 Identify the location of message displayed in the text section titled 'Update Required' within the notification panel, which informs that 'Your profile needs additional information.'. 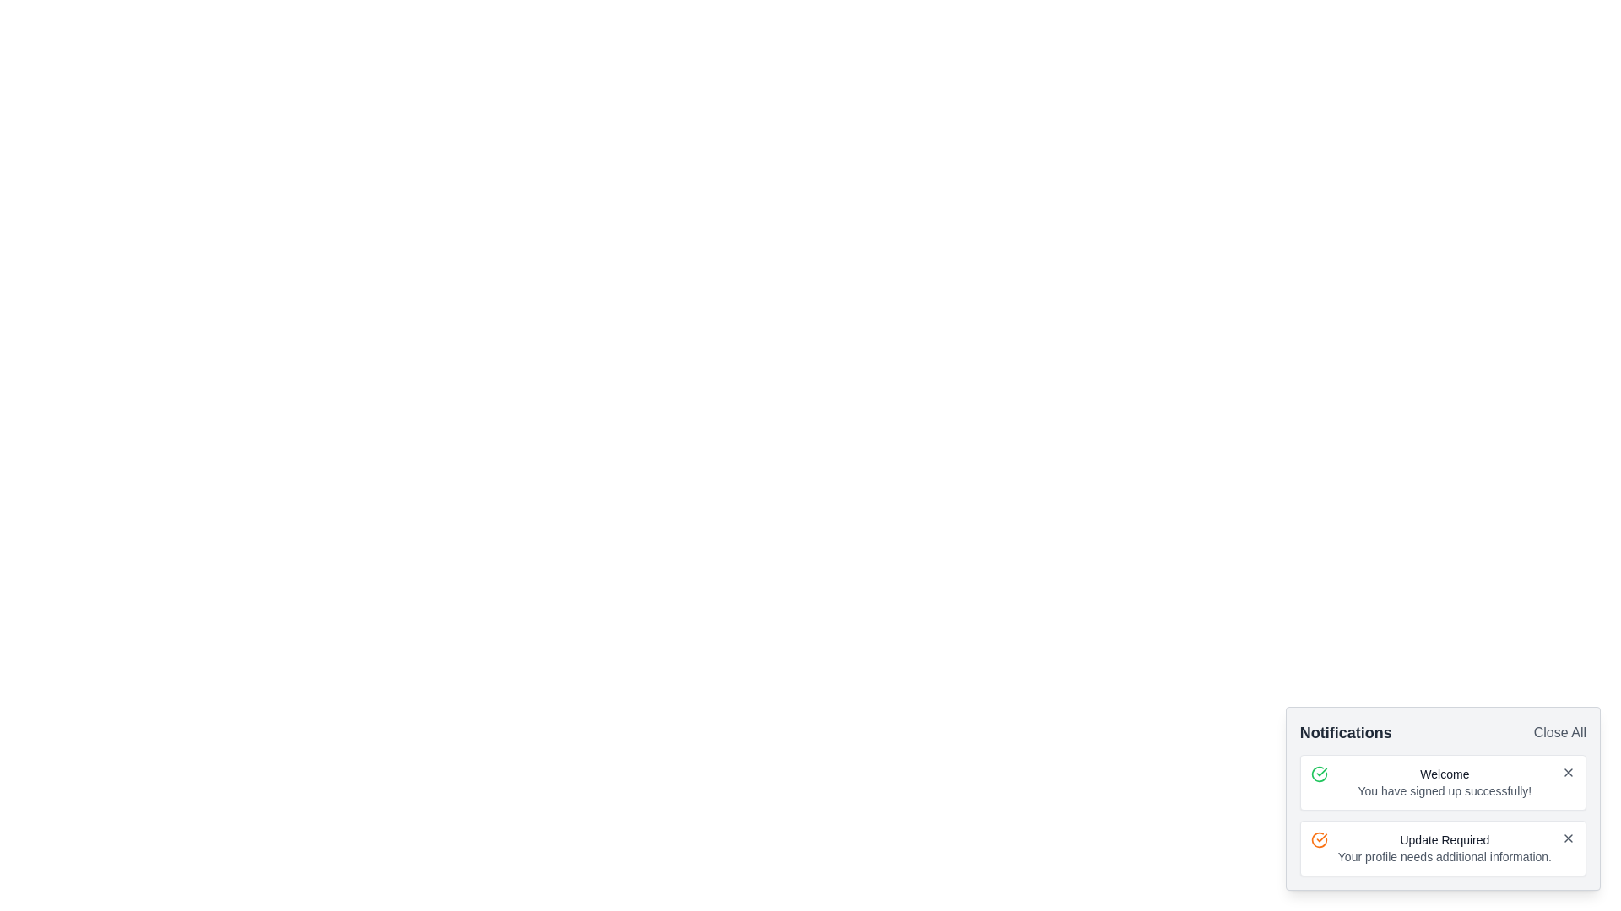
(1444, 849).